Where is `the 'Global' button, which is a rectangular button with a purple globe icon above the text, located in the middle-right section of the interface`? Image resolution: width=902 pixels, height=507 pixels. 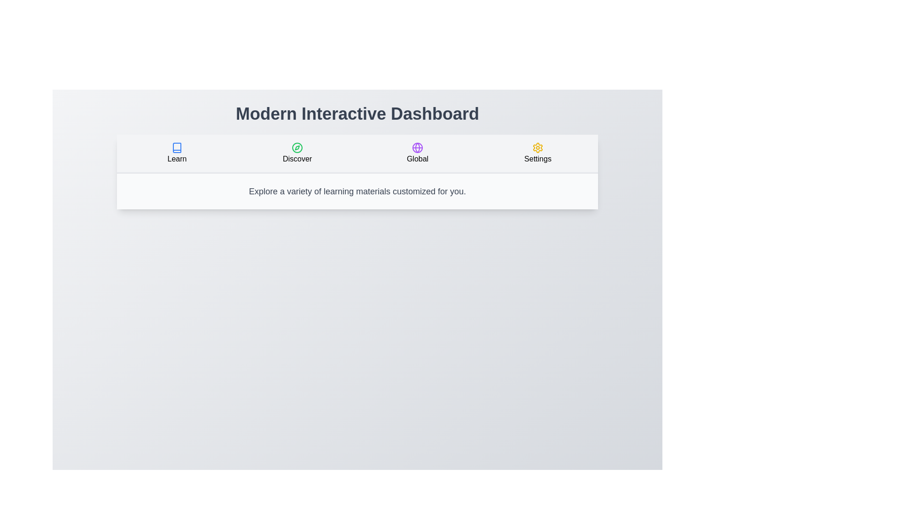 the 'Global' button, which is a rectangular button with a purple globe icon above the text, located in the middle-right section of the interface is located at coordinates (417, 153).